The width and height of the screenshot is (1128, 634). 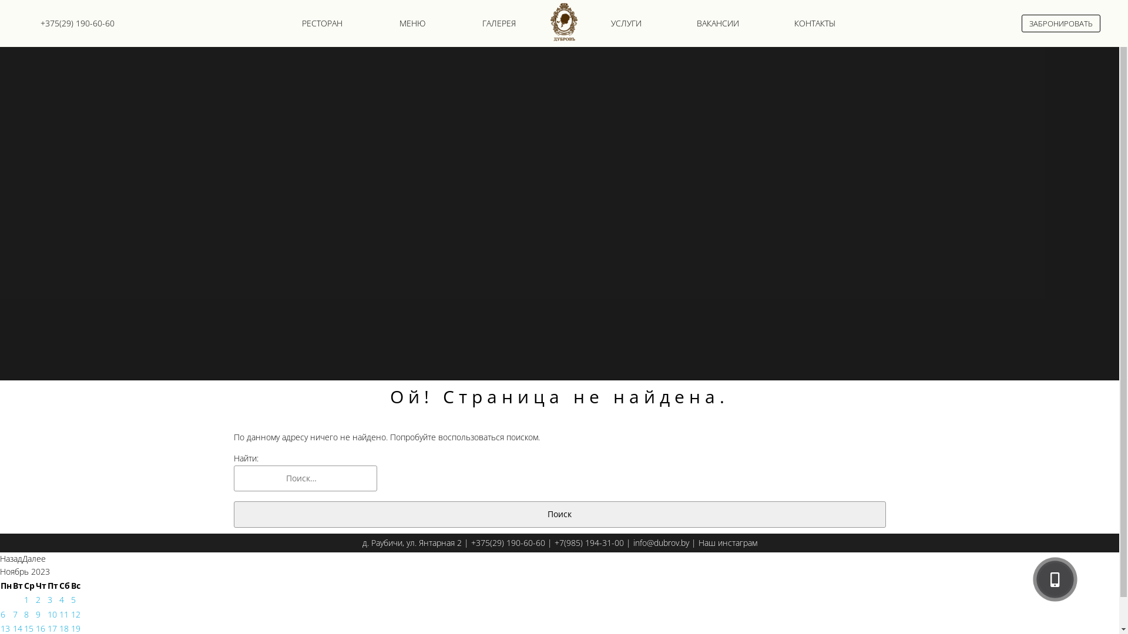 What do you see at coordinates (52, 613) in the screenshot?
I see `'10'` at bounding box center [52, 613].